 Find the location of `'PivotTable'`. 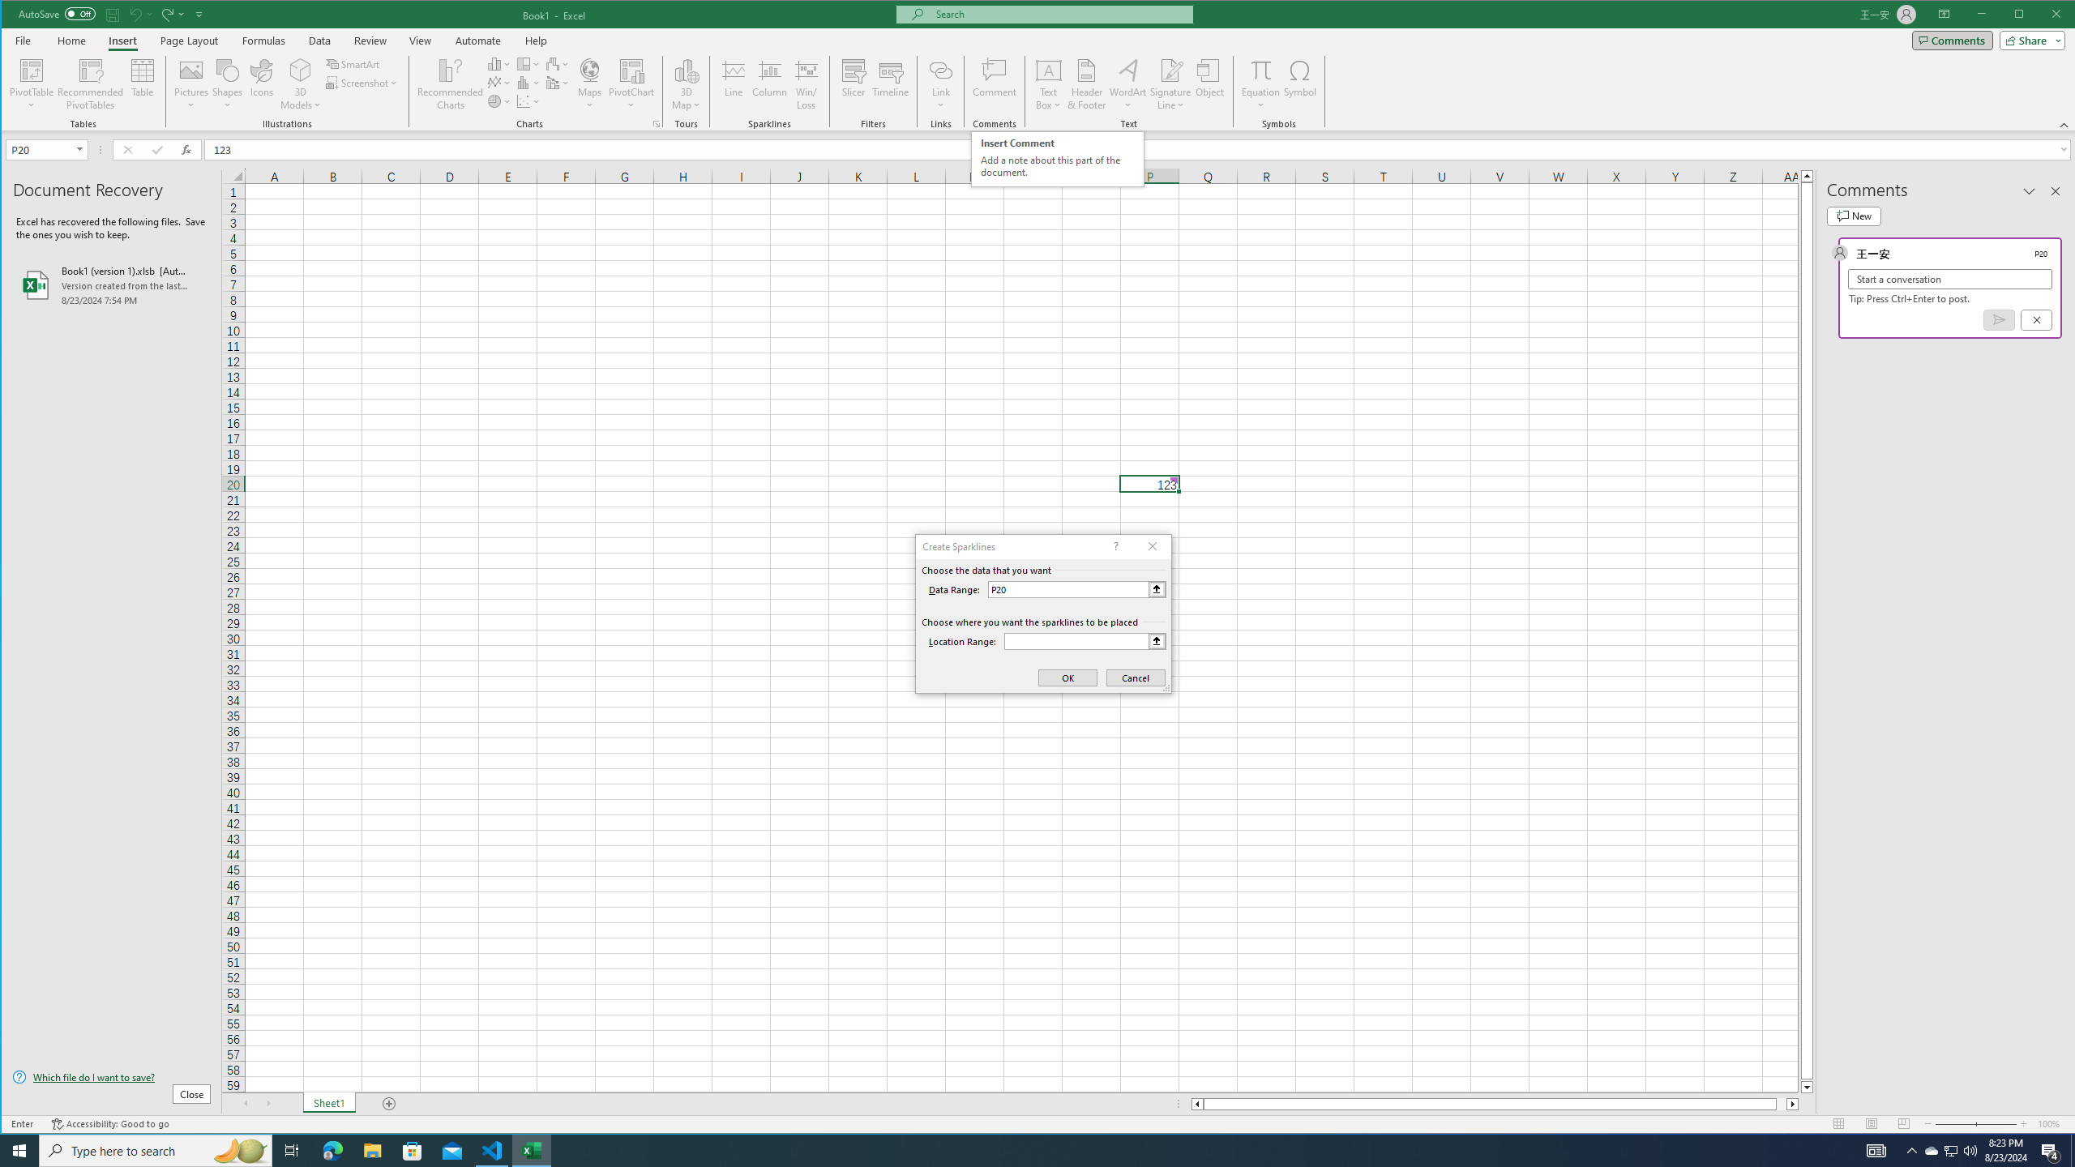

'PivotTable' is located at coordinates (31, 69).